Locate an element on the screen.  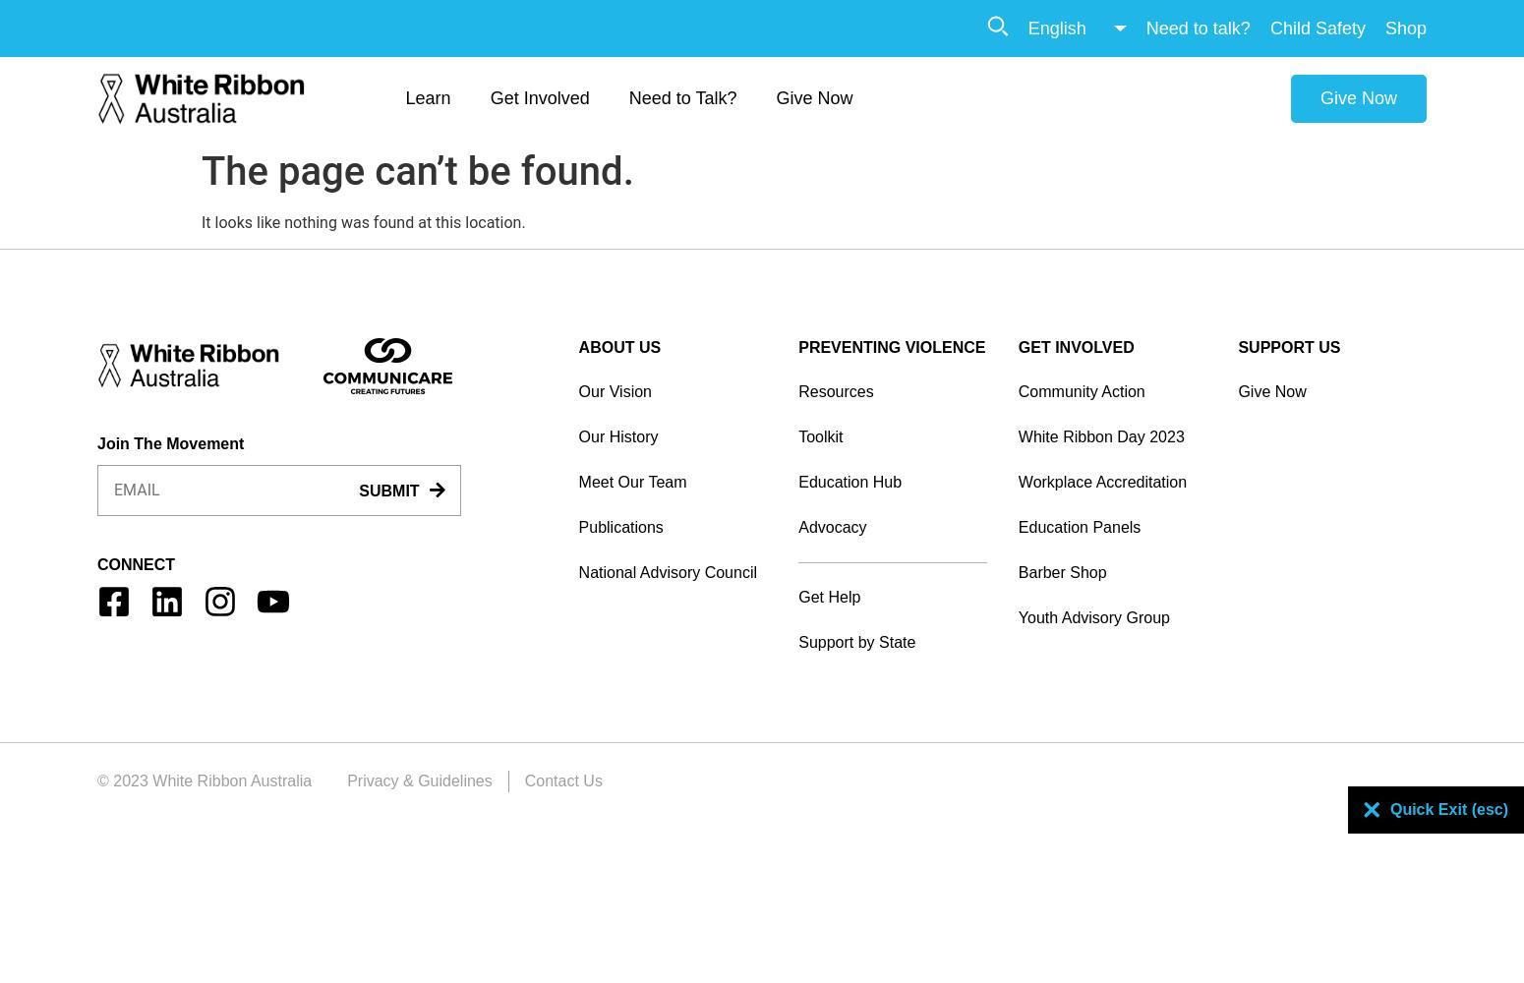
'Contact Us' is located at coordinates (523, 780).